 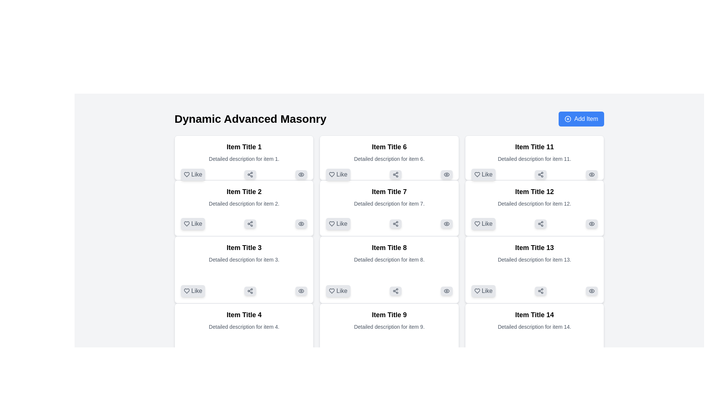 I want to click on the interactive like button located at the leftmost position on the horizontal line of the 'Item Title 6' card, so click(x=389, y=174).